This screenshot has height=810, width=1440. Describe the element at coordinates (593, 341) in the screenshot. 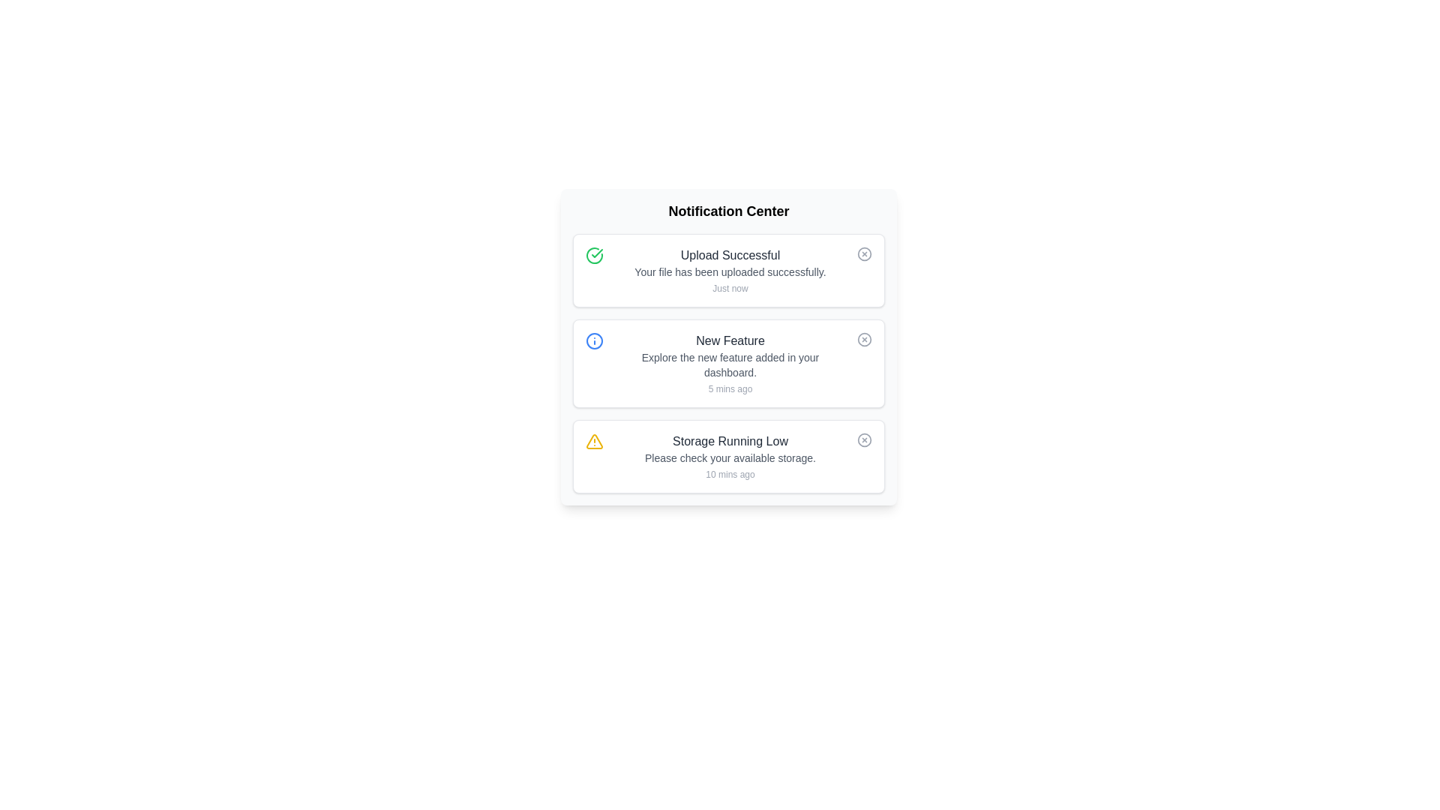

I see `the 'New Feature' notification icon, which is the first element from the left and aligned with the top text 'Explore the new feature added in your dashboard.'` at that location.